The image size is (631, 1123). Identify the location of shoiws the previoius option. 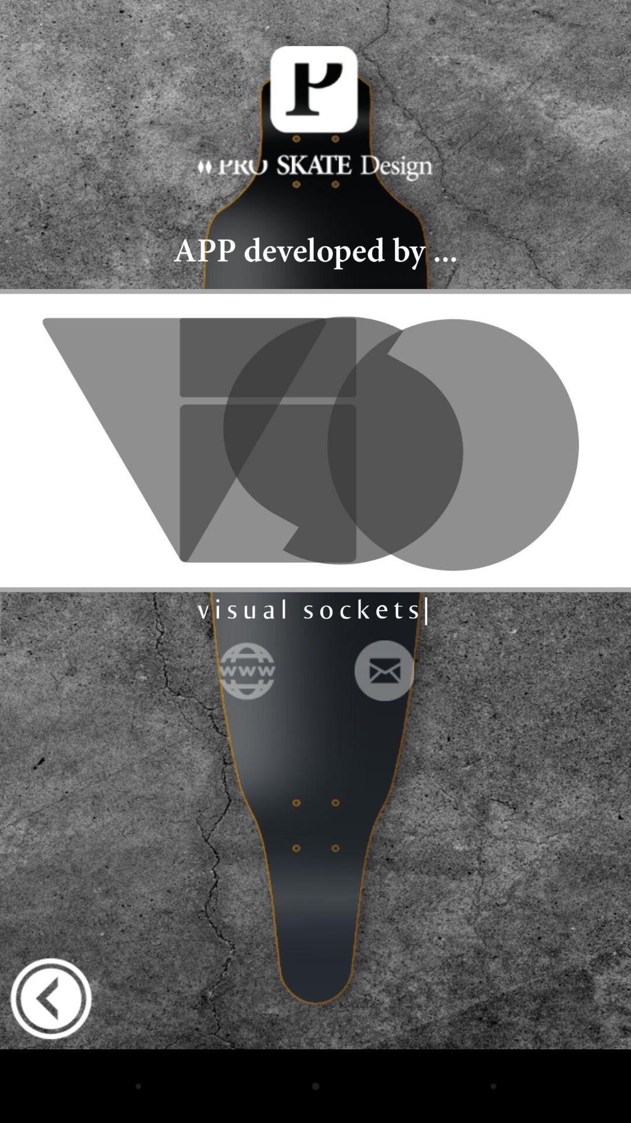
(50, 997).